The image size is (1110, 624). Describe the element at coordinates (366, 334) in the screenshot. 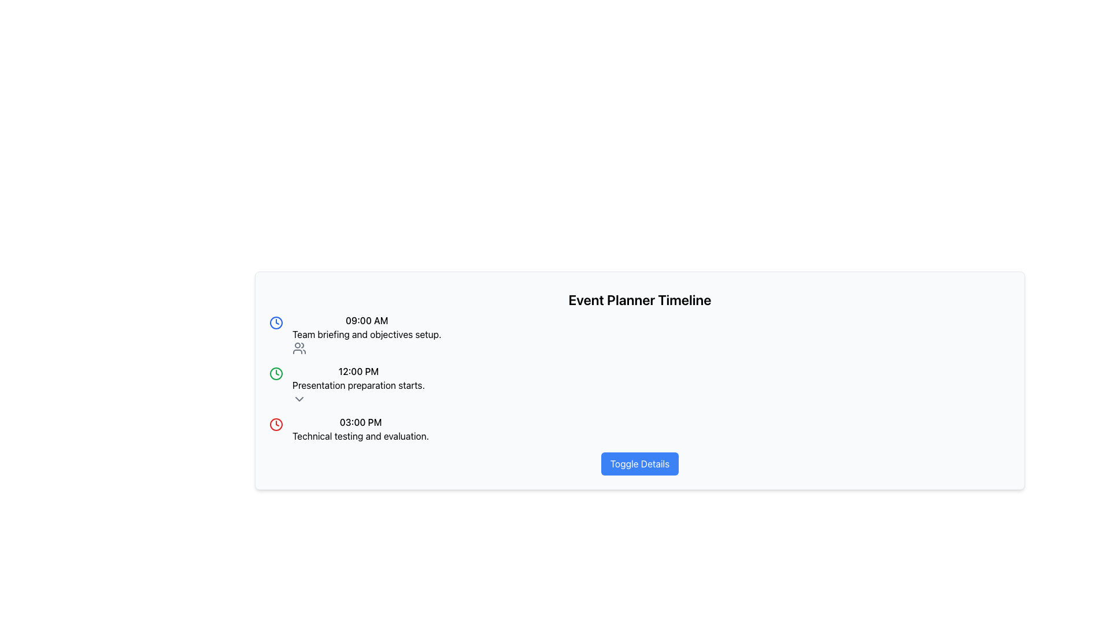

I see `the Text Block representing an event scheduled at 09:00 AM, located under the 'Event Planner Timeline' header, with a blue clock icon on the left` at that location.